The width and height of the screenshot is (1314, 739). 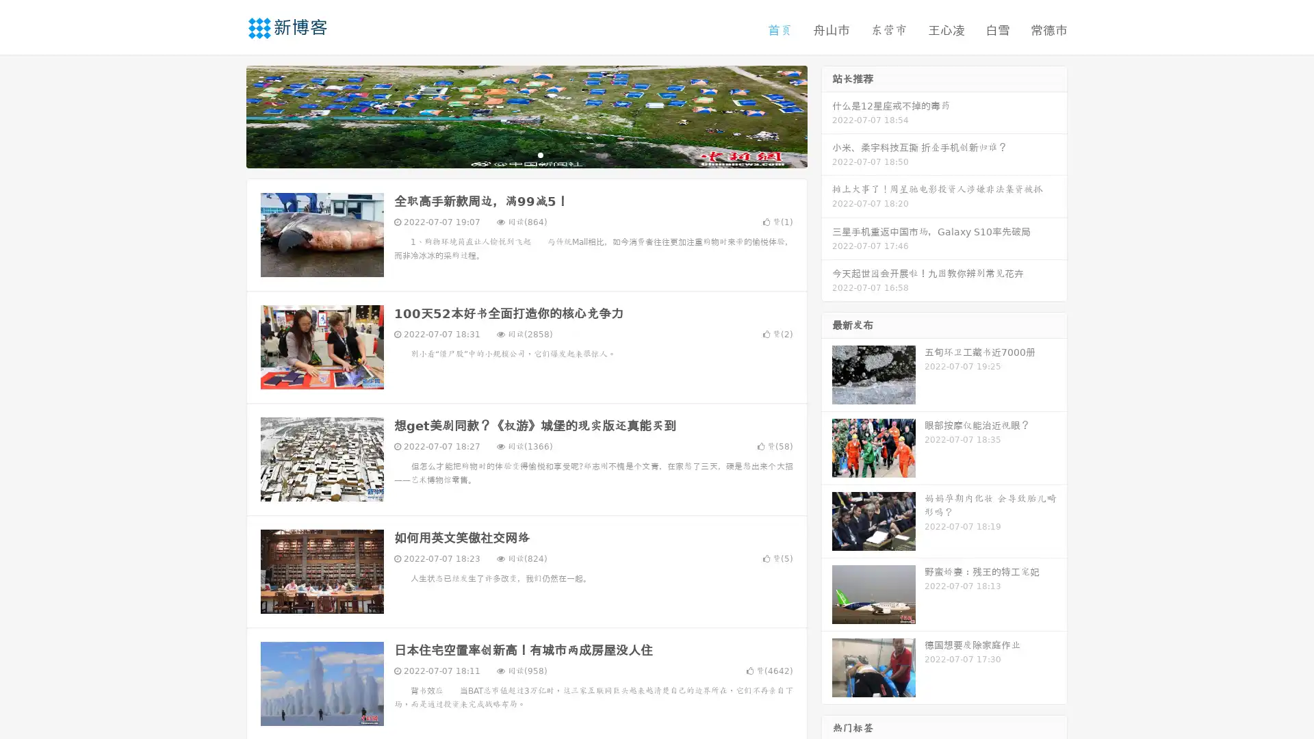 I want to click on Go to slide 2, so click(x=526, y=154).